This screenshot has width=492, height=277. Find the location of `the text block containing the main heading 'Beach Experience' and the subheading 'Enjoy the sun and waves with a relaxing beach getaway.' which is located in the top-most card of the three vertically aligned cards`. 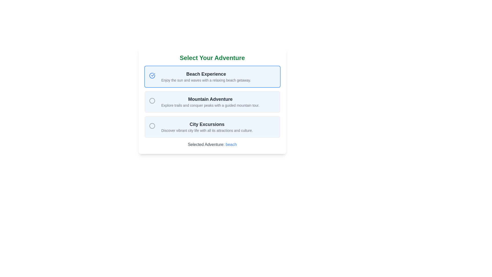

the text block containing the main heading 'Beach Experience' and the subheading 'Enjoy the sun and waves with a relaxing beach getaway.' which is located in the top-most card of the three vertically aligned cards is located at coordinates (206, 77).